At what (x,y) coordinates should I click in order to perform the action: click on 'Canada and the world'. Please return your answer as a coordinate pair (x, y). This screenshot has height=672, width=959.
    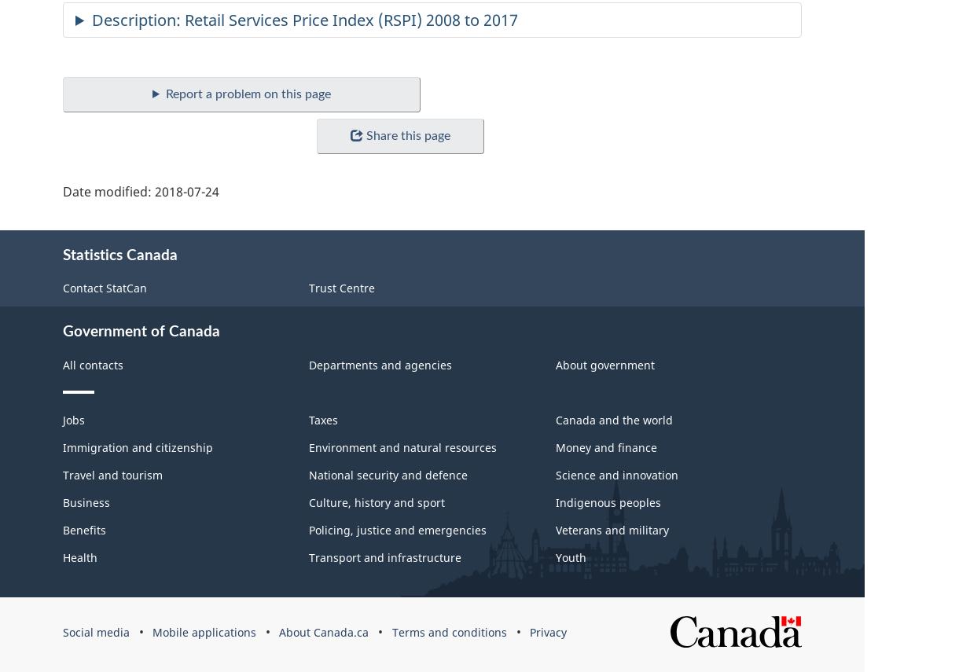
    Looking at the image, I should click on (554, 419).